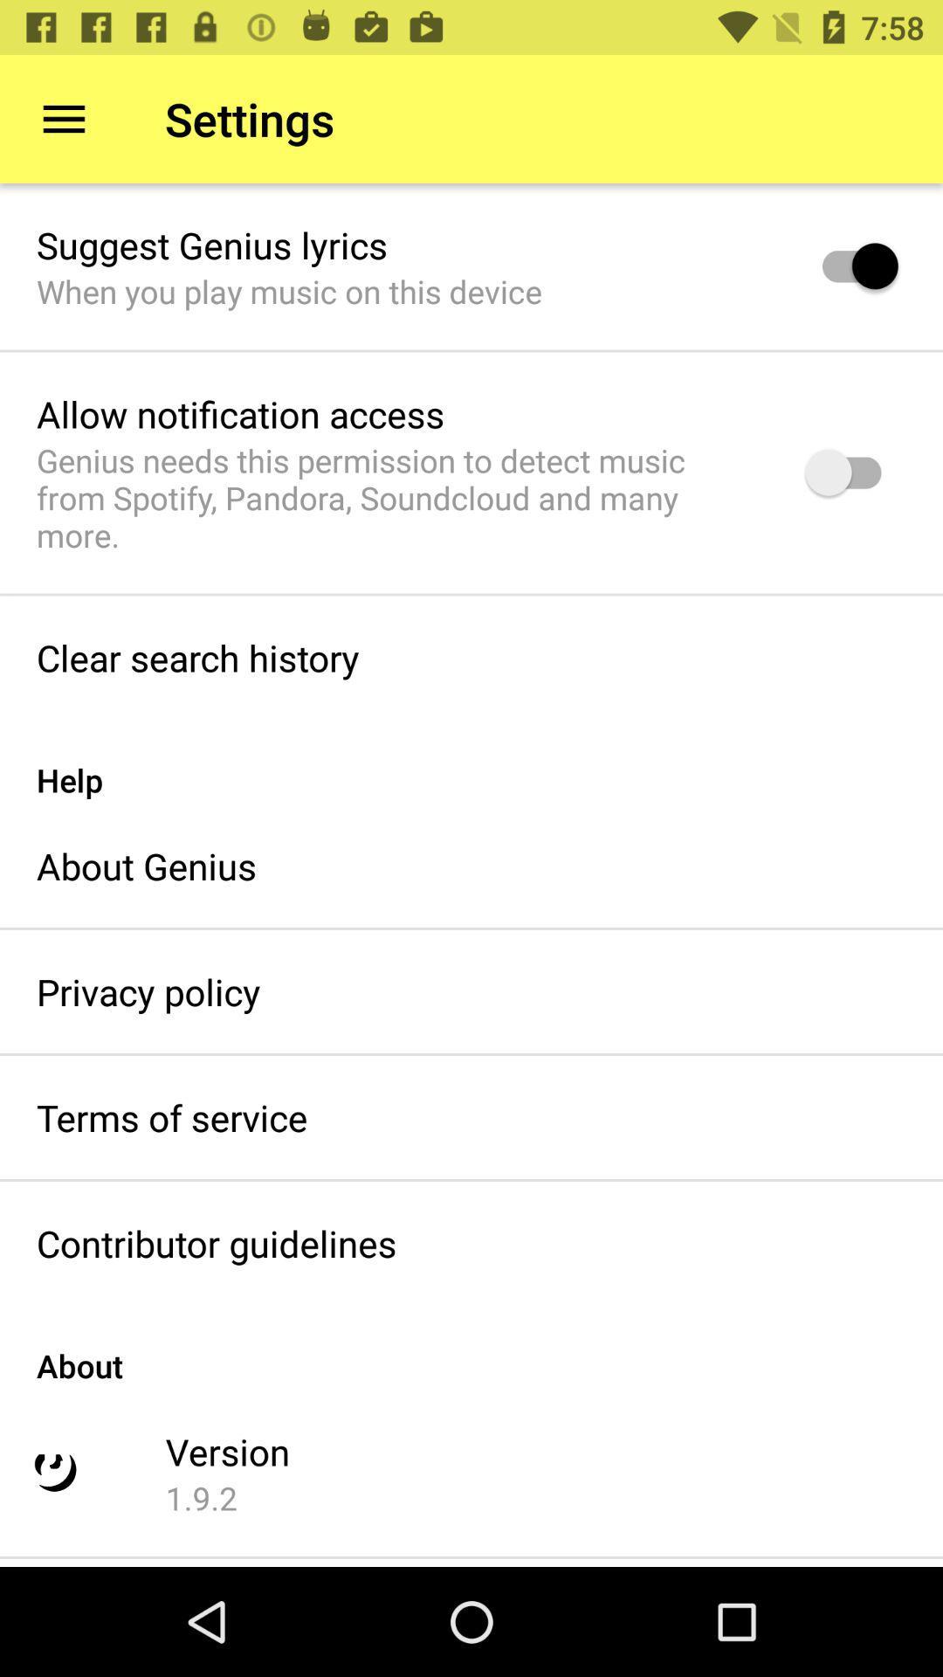 This screenshot has width=943, height=1677. What do you see at coordinates (471, 762) in the screenshot?
I see `the help at the center` at bounding box center [471, 762].